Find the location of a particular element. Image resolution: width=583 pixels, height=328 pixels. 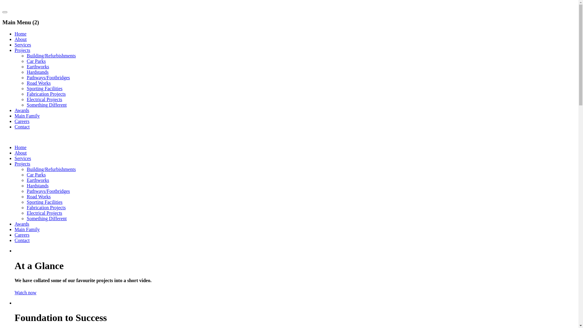

'About' is located at coordinates (20, 39).